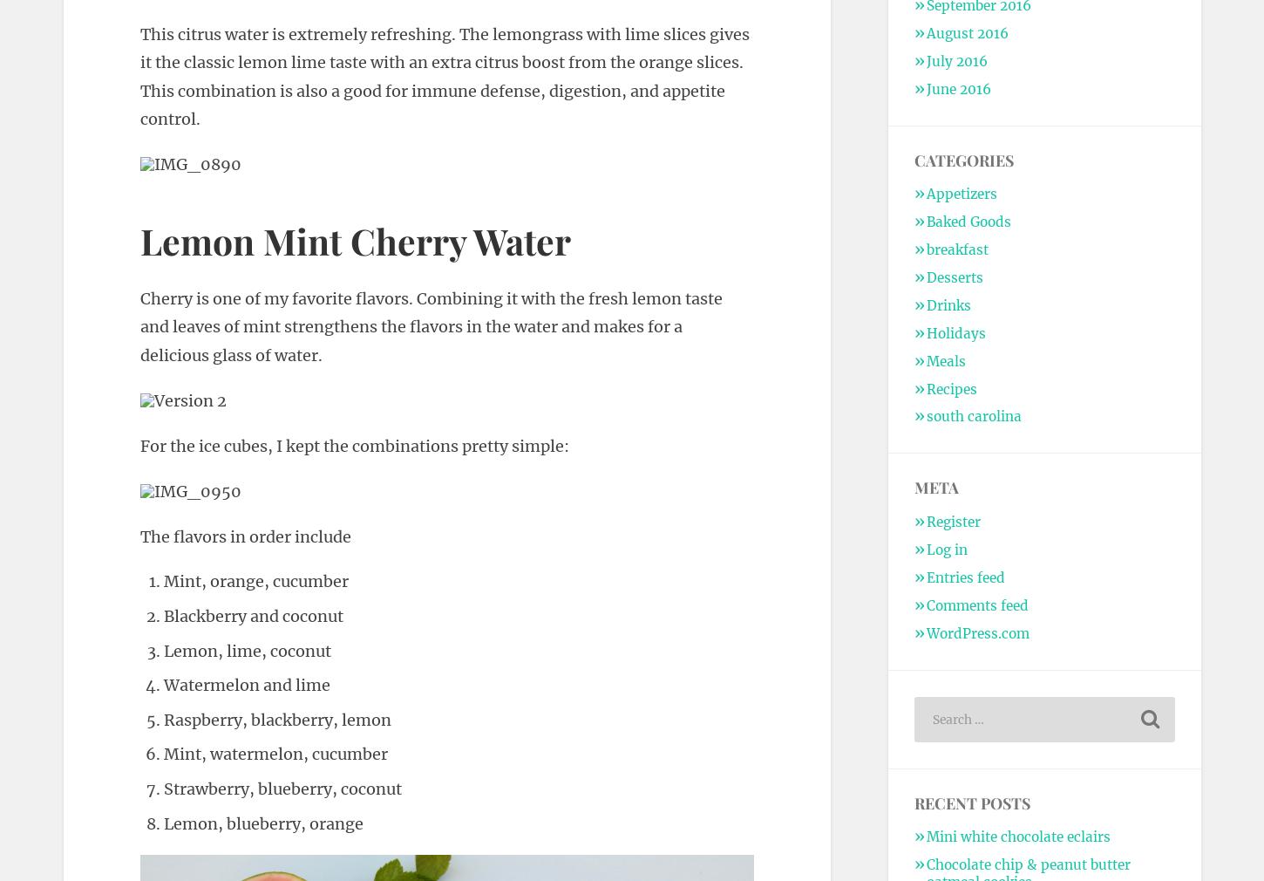 The height and width of the screenshot is (881, 1264). Describe the element at coordinates (945, 360) in the screenshot. I see `'Meals'` at that location.